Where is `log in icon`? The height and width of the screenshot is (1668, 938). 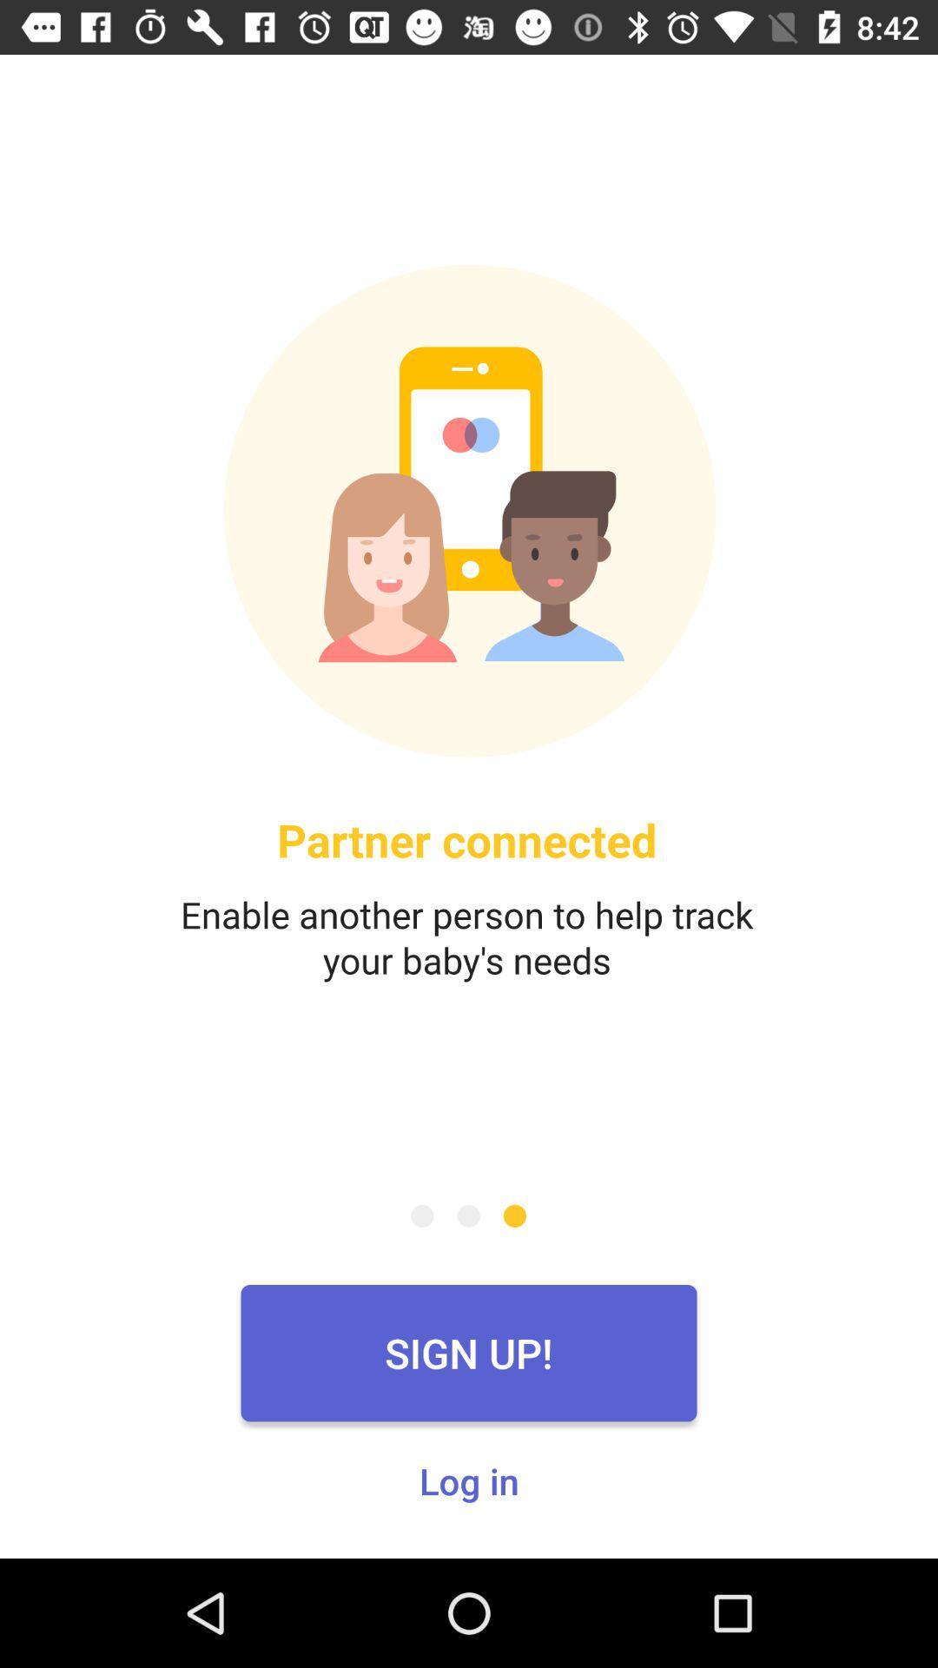
log in icon is located at coordinates (469, 1479).